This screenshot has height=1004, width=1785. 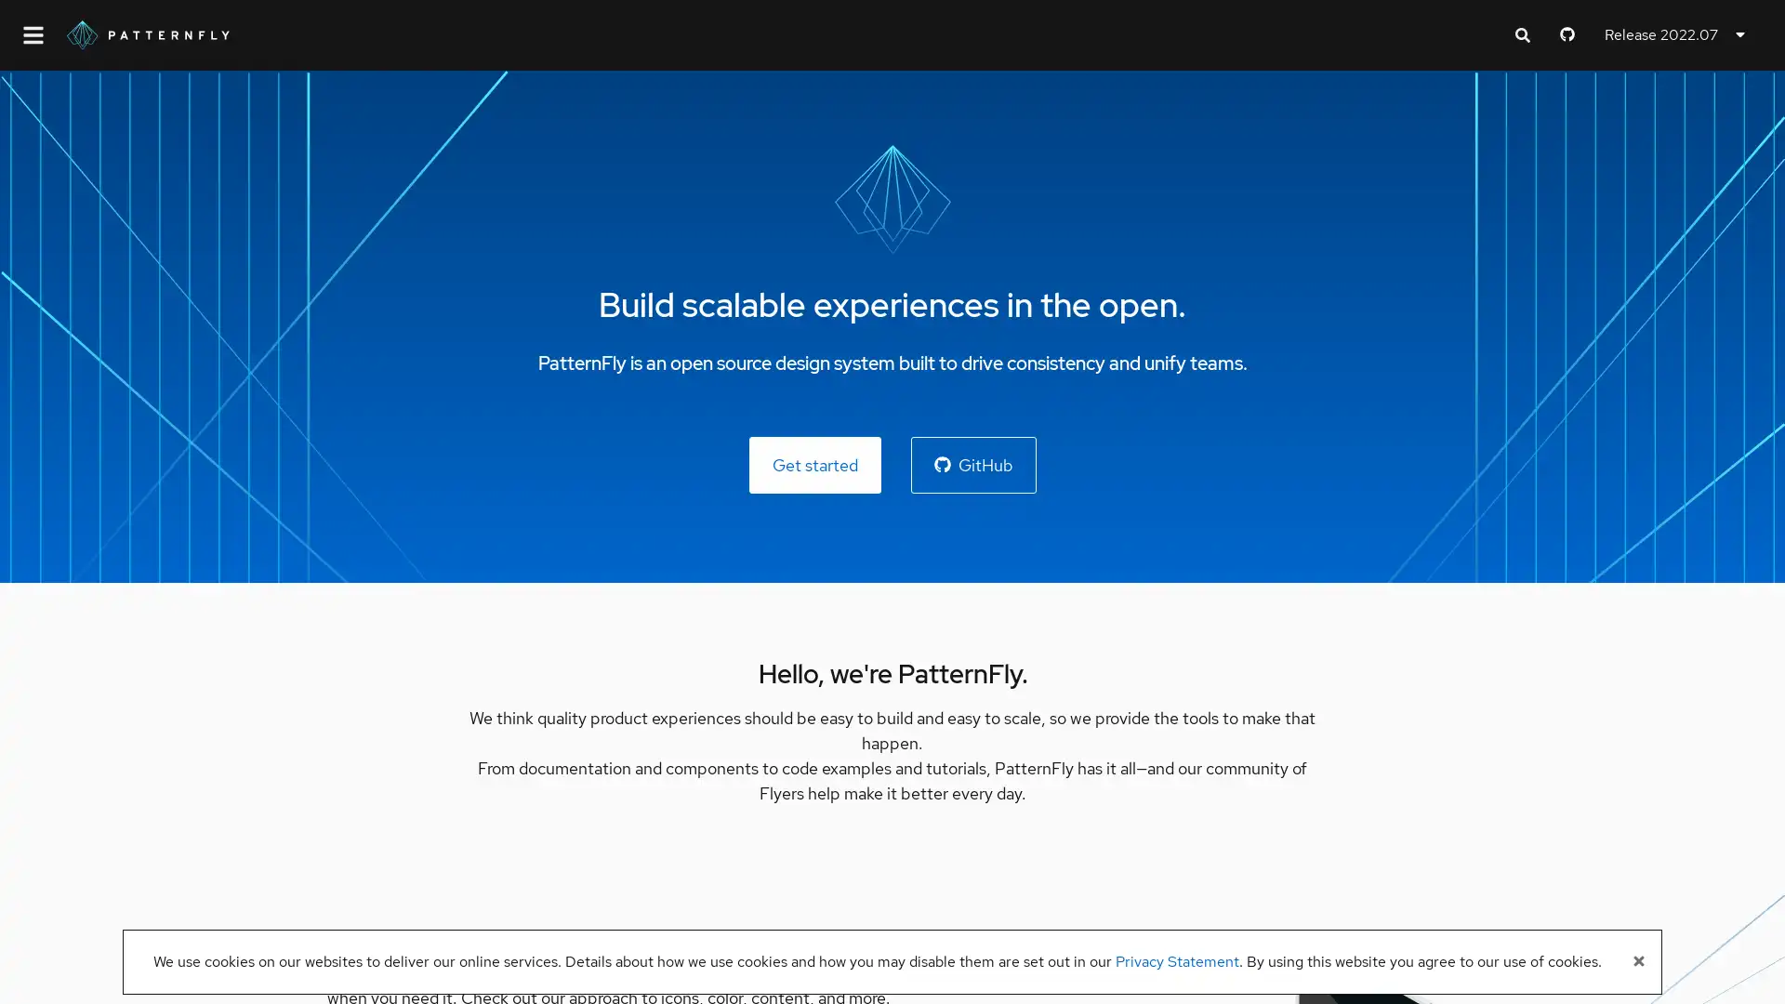 I want to click on Global navigation, so click(x=33, y=34).